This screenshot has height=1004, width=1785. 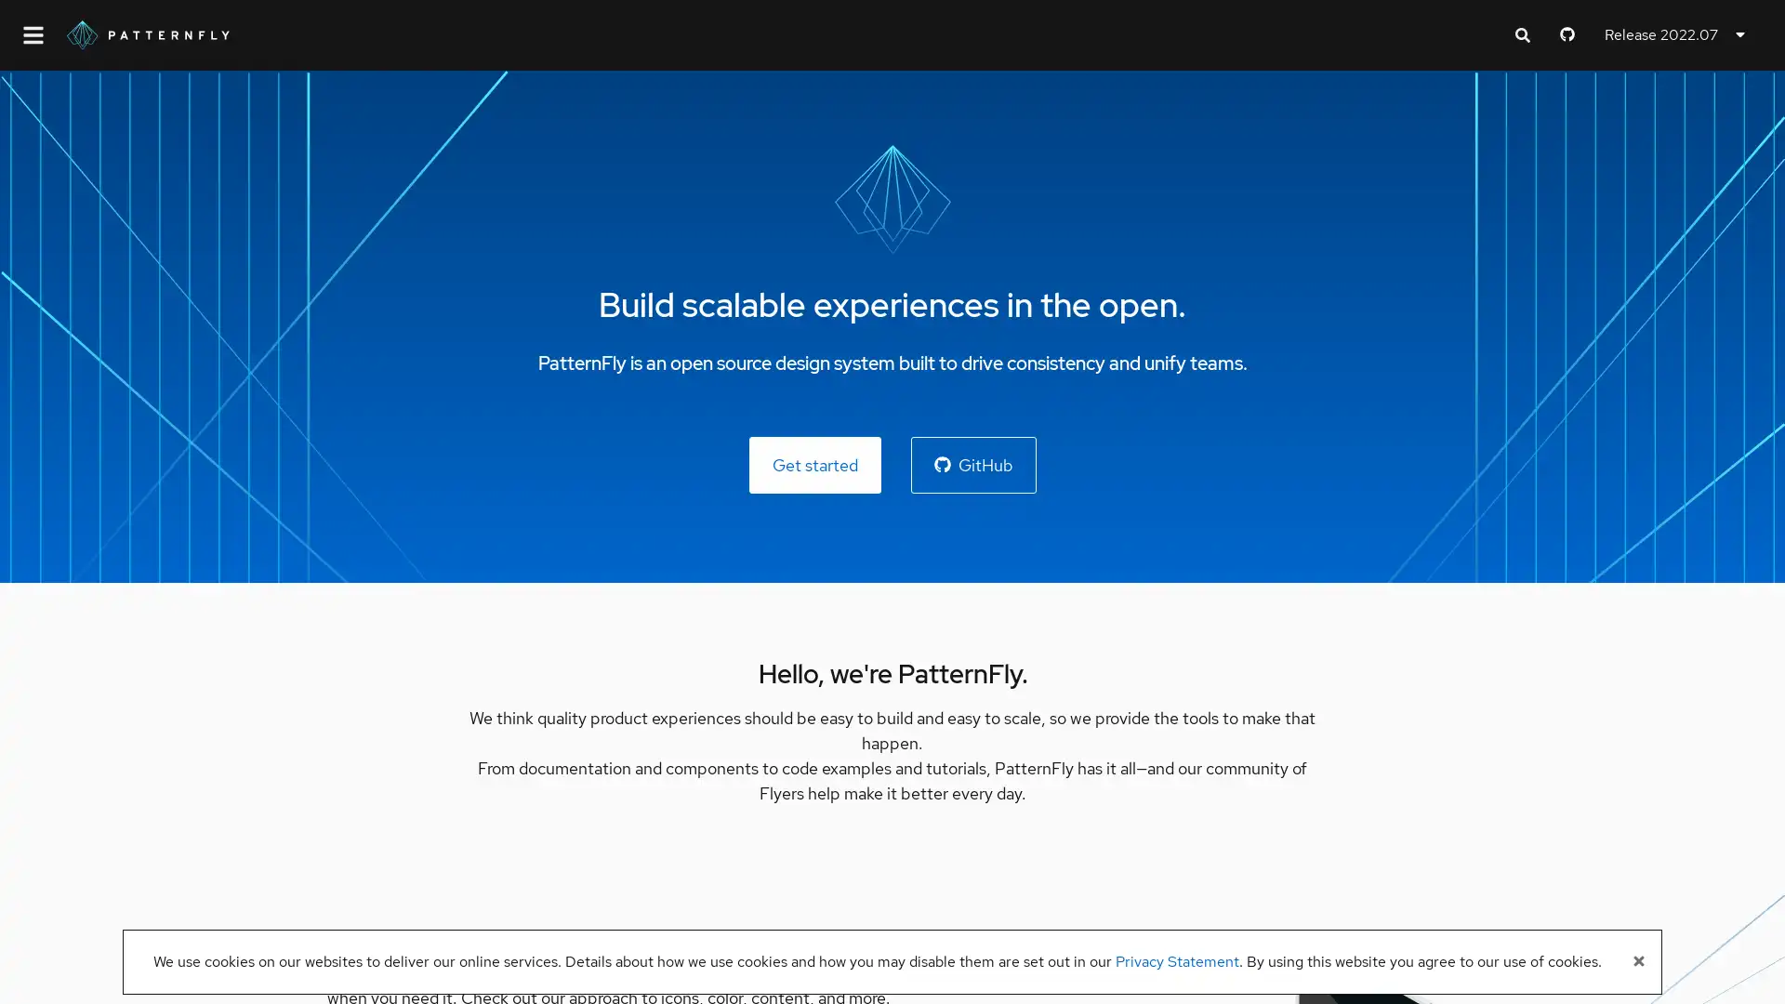 I want to click on Global navigation, so click(x=33, y=34).